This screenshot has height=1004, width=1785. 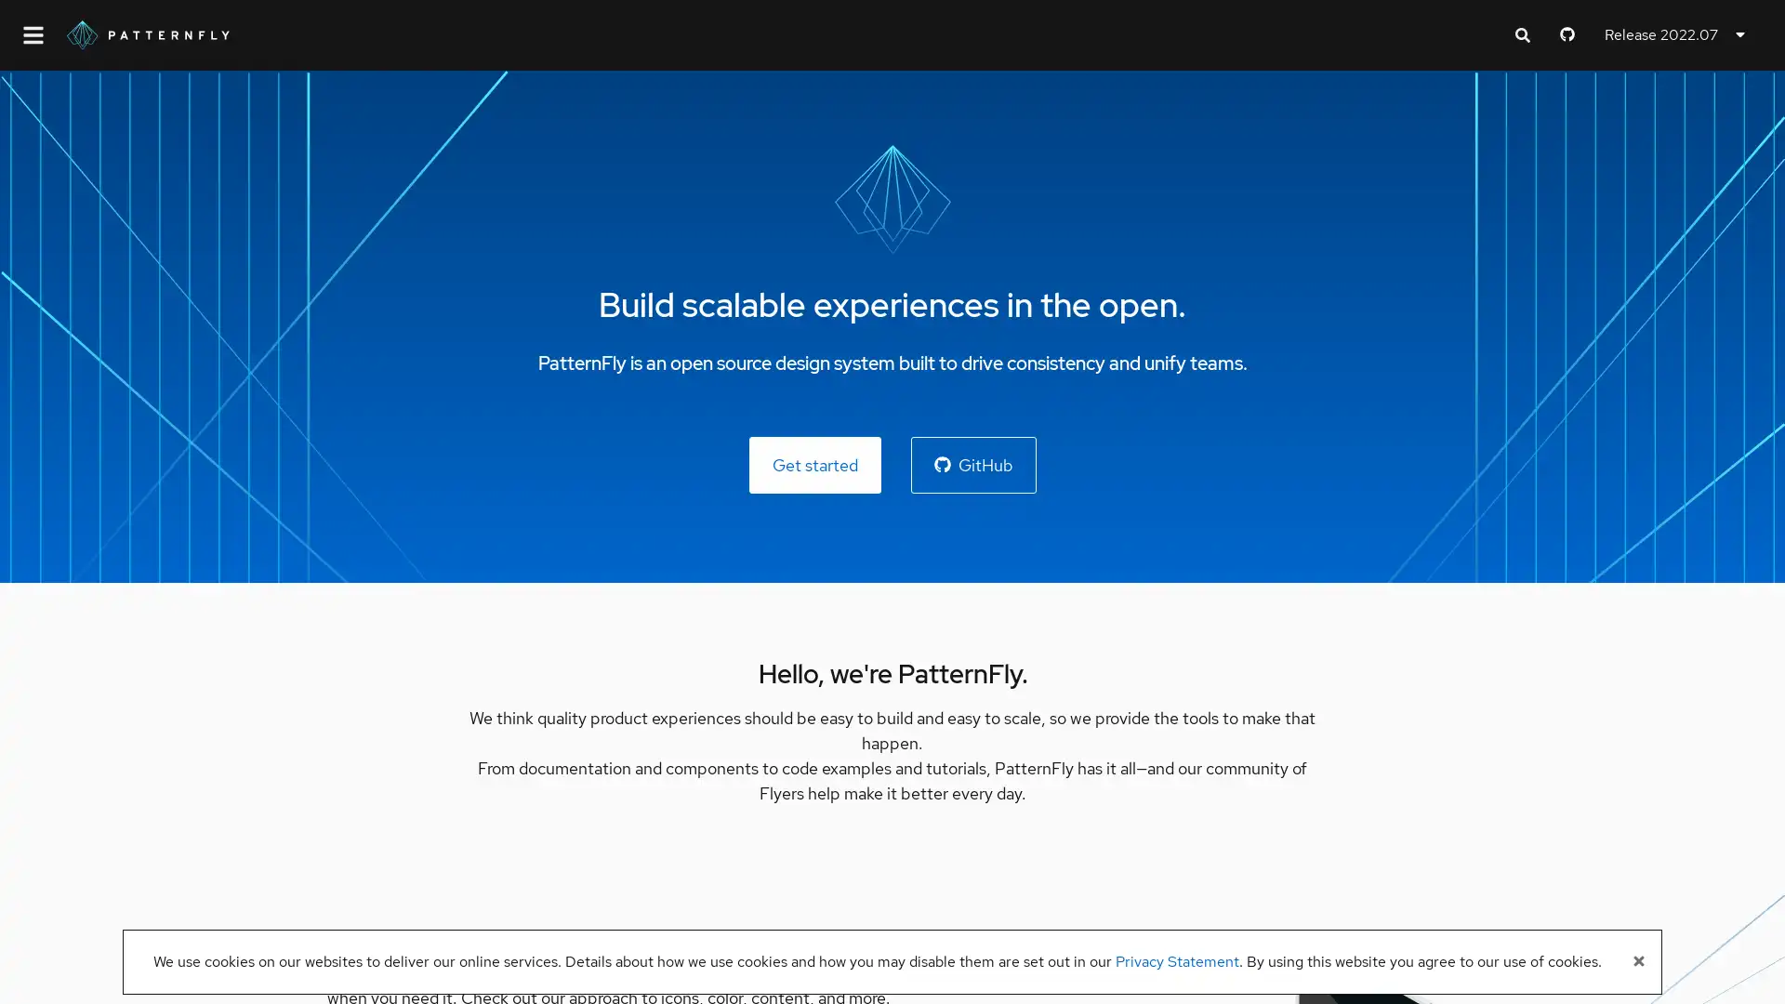 I want to click on Global navigation, so click(x=33, y=34).